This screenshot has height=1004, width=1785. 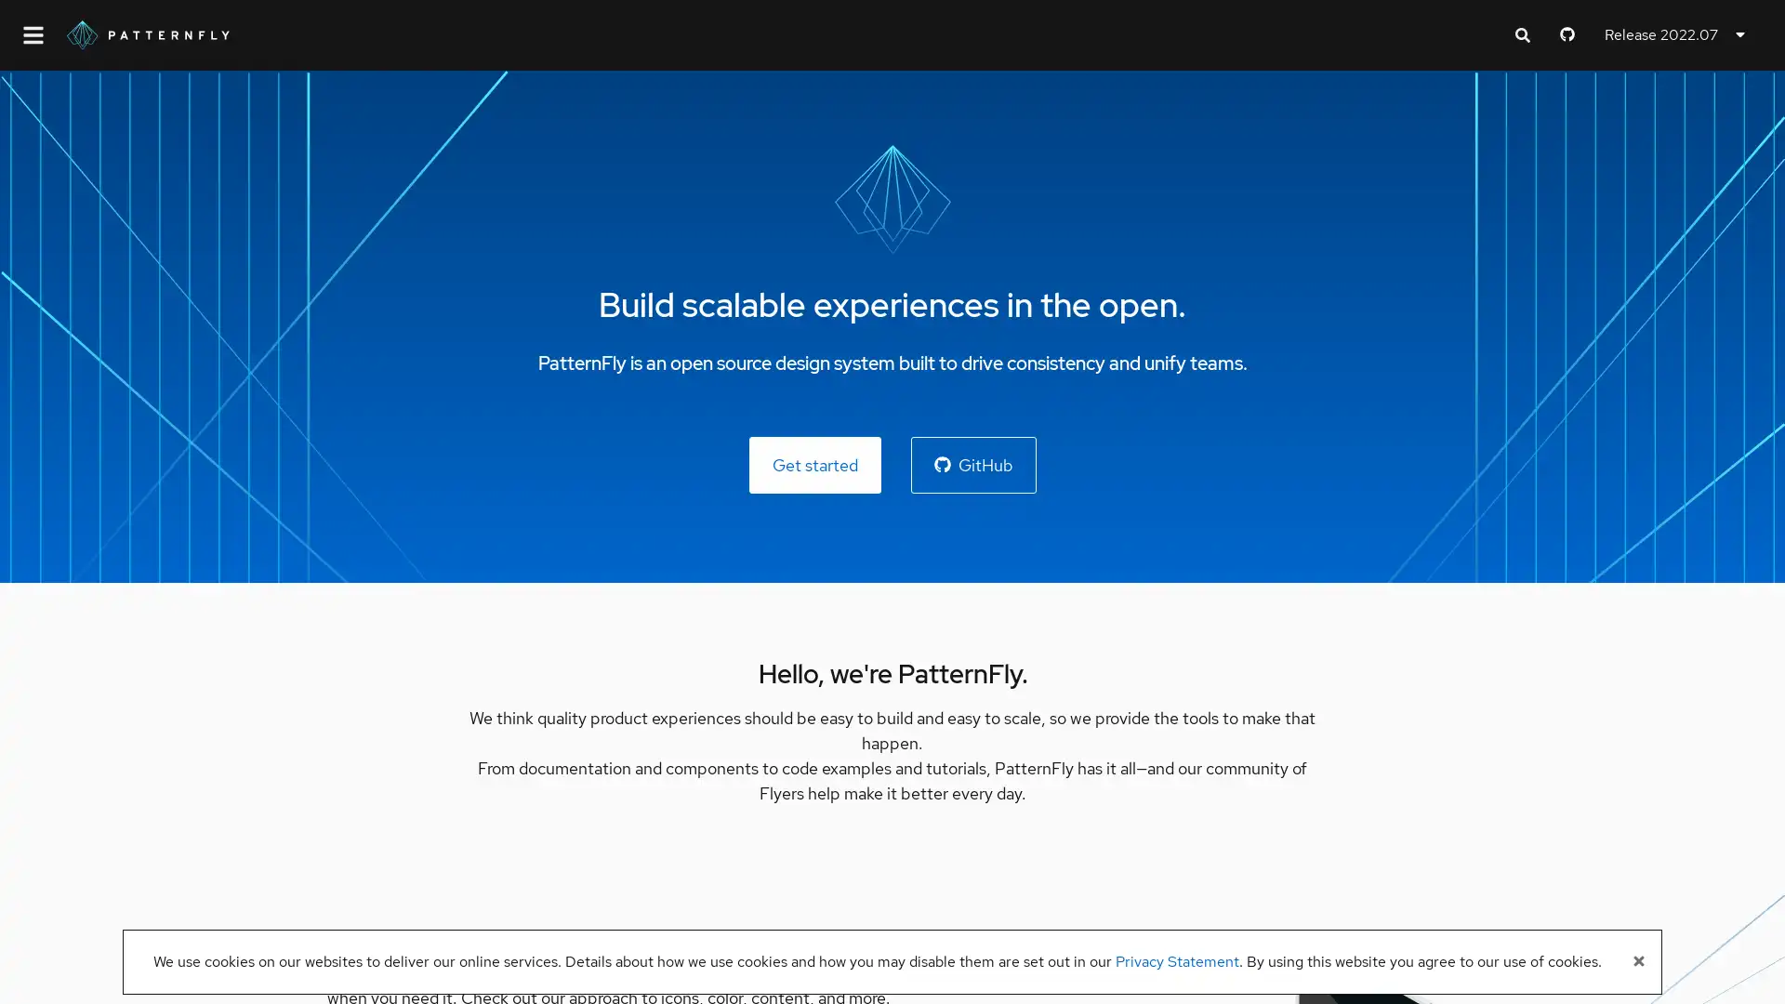 I want to click on Global navigation, so click(x=33, y=34).